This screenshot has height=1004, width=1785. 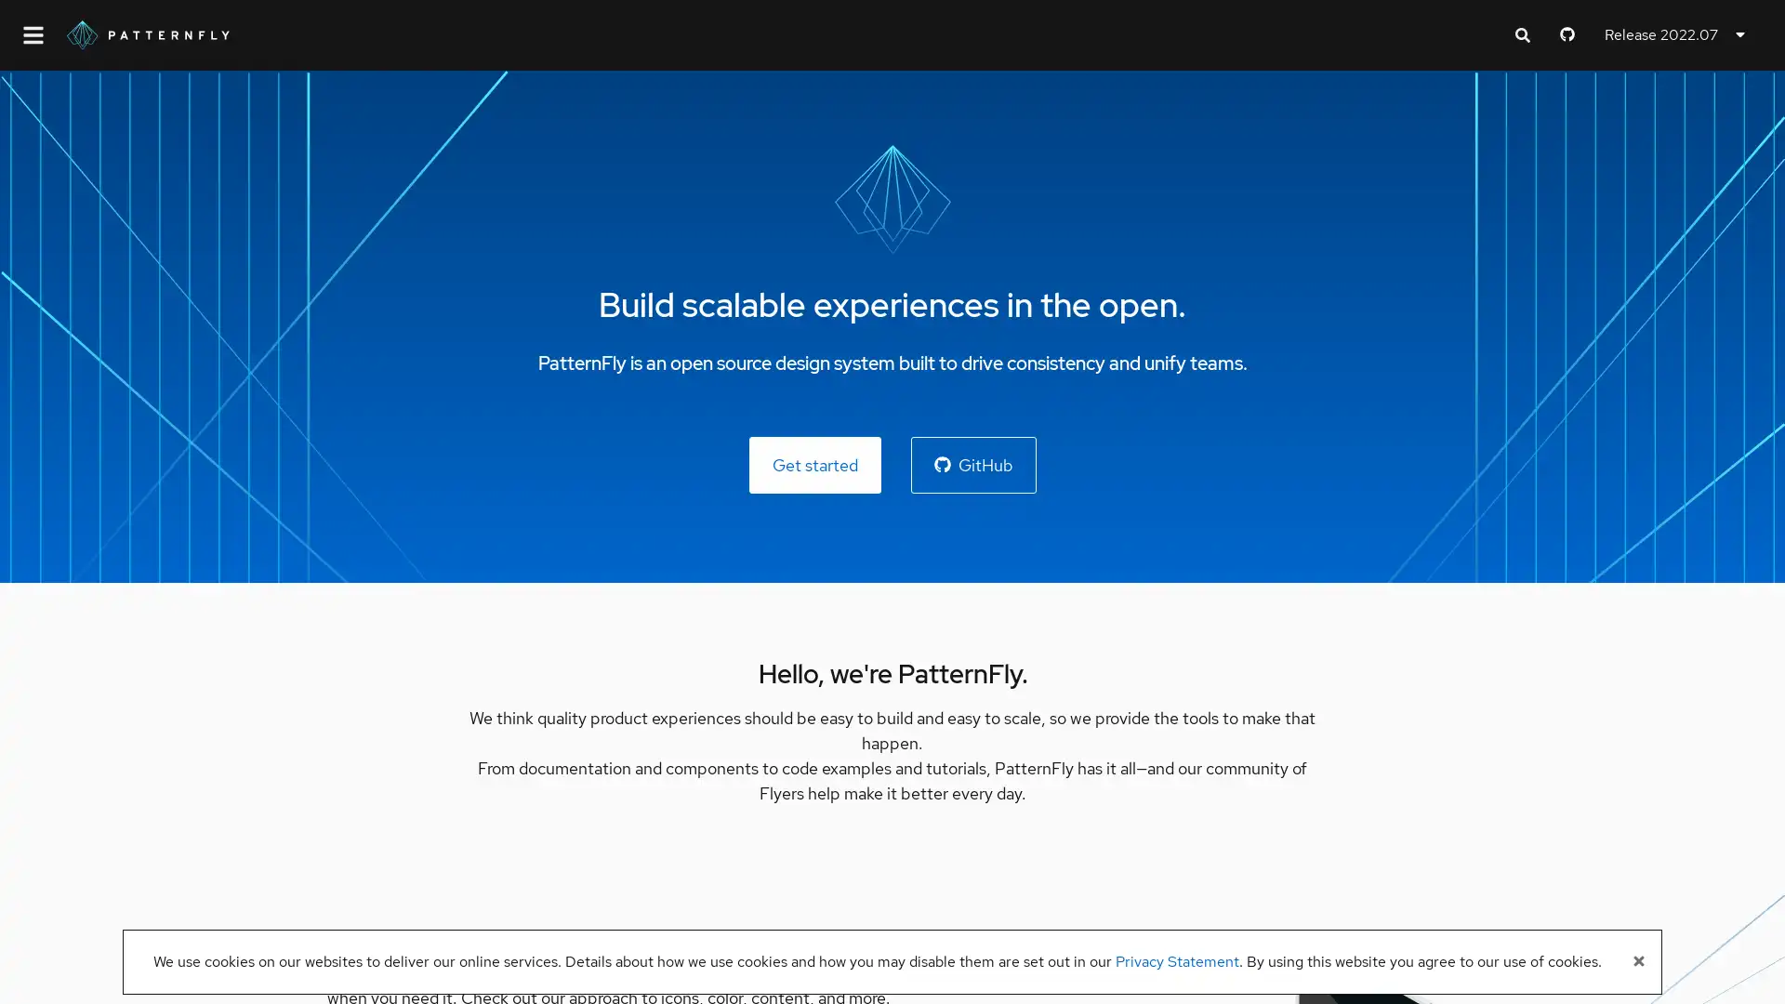 I want to click on Global navigation, so click(x=33, y=34).